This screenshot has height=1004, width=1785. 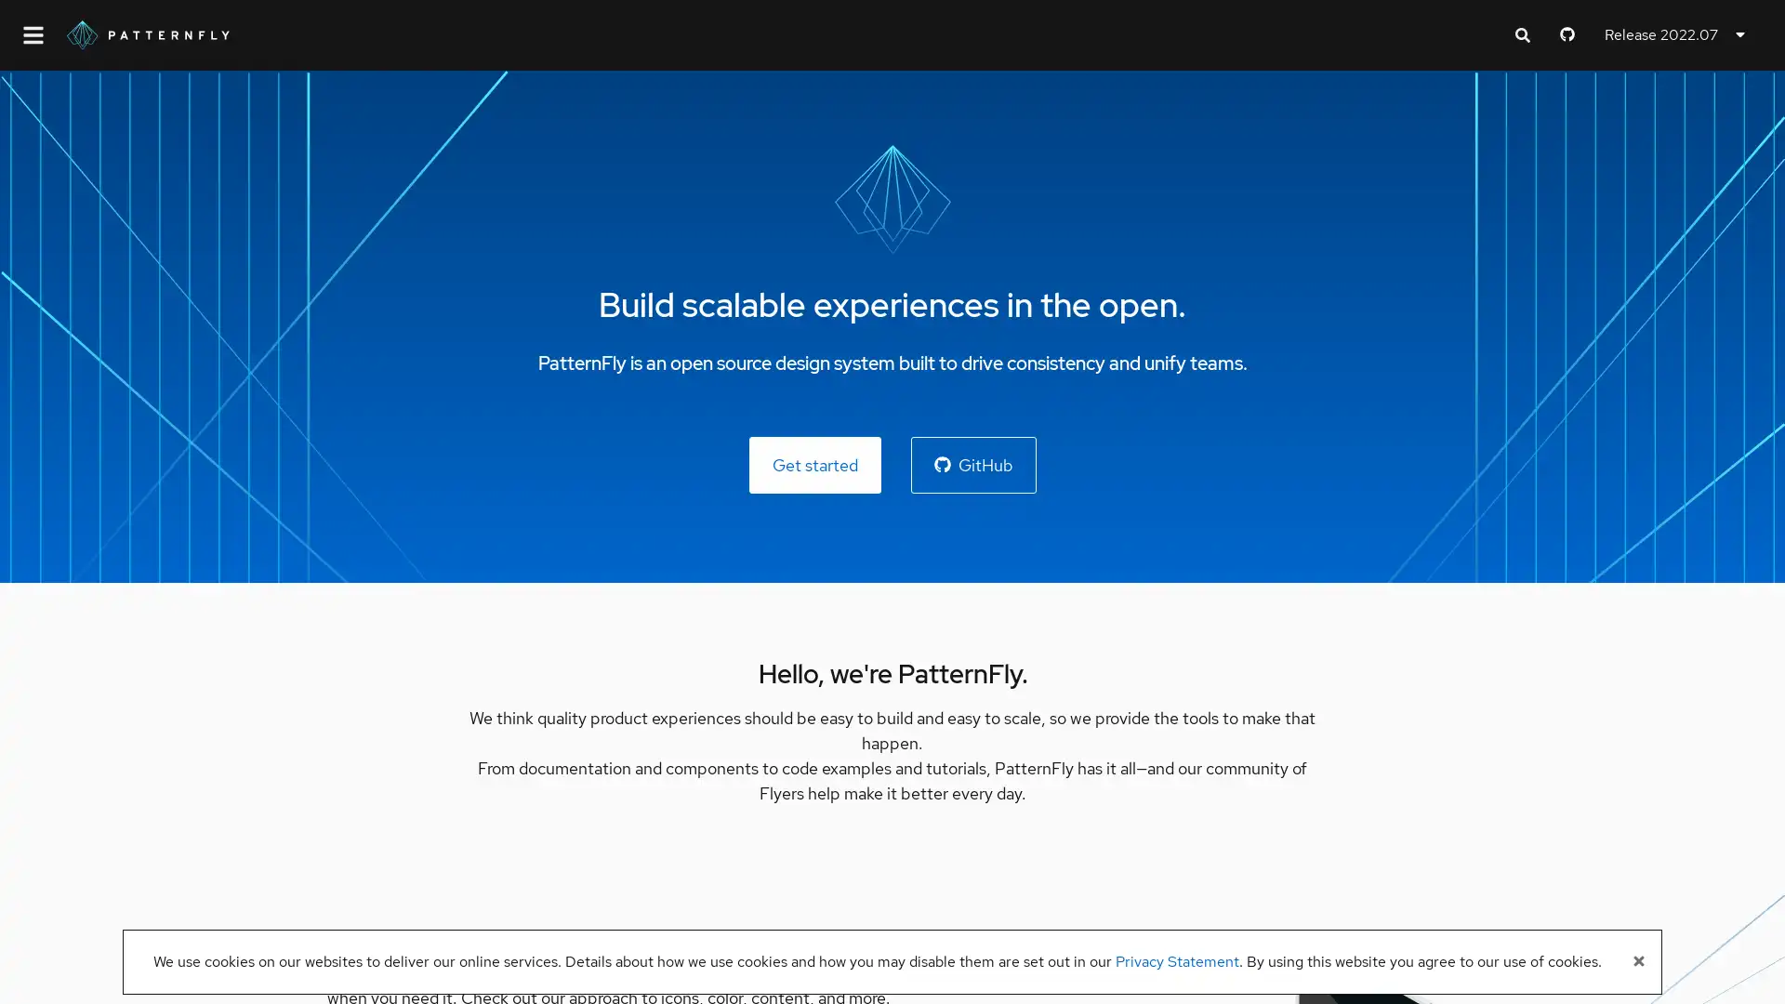 I want to click on Global navigation, so click(x=33, y=34).